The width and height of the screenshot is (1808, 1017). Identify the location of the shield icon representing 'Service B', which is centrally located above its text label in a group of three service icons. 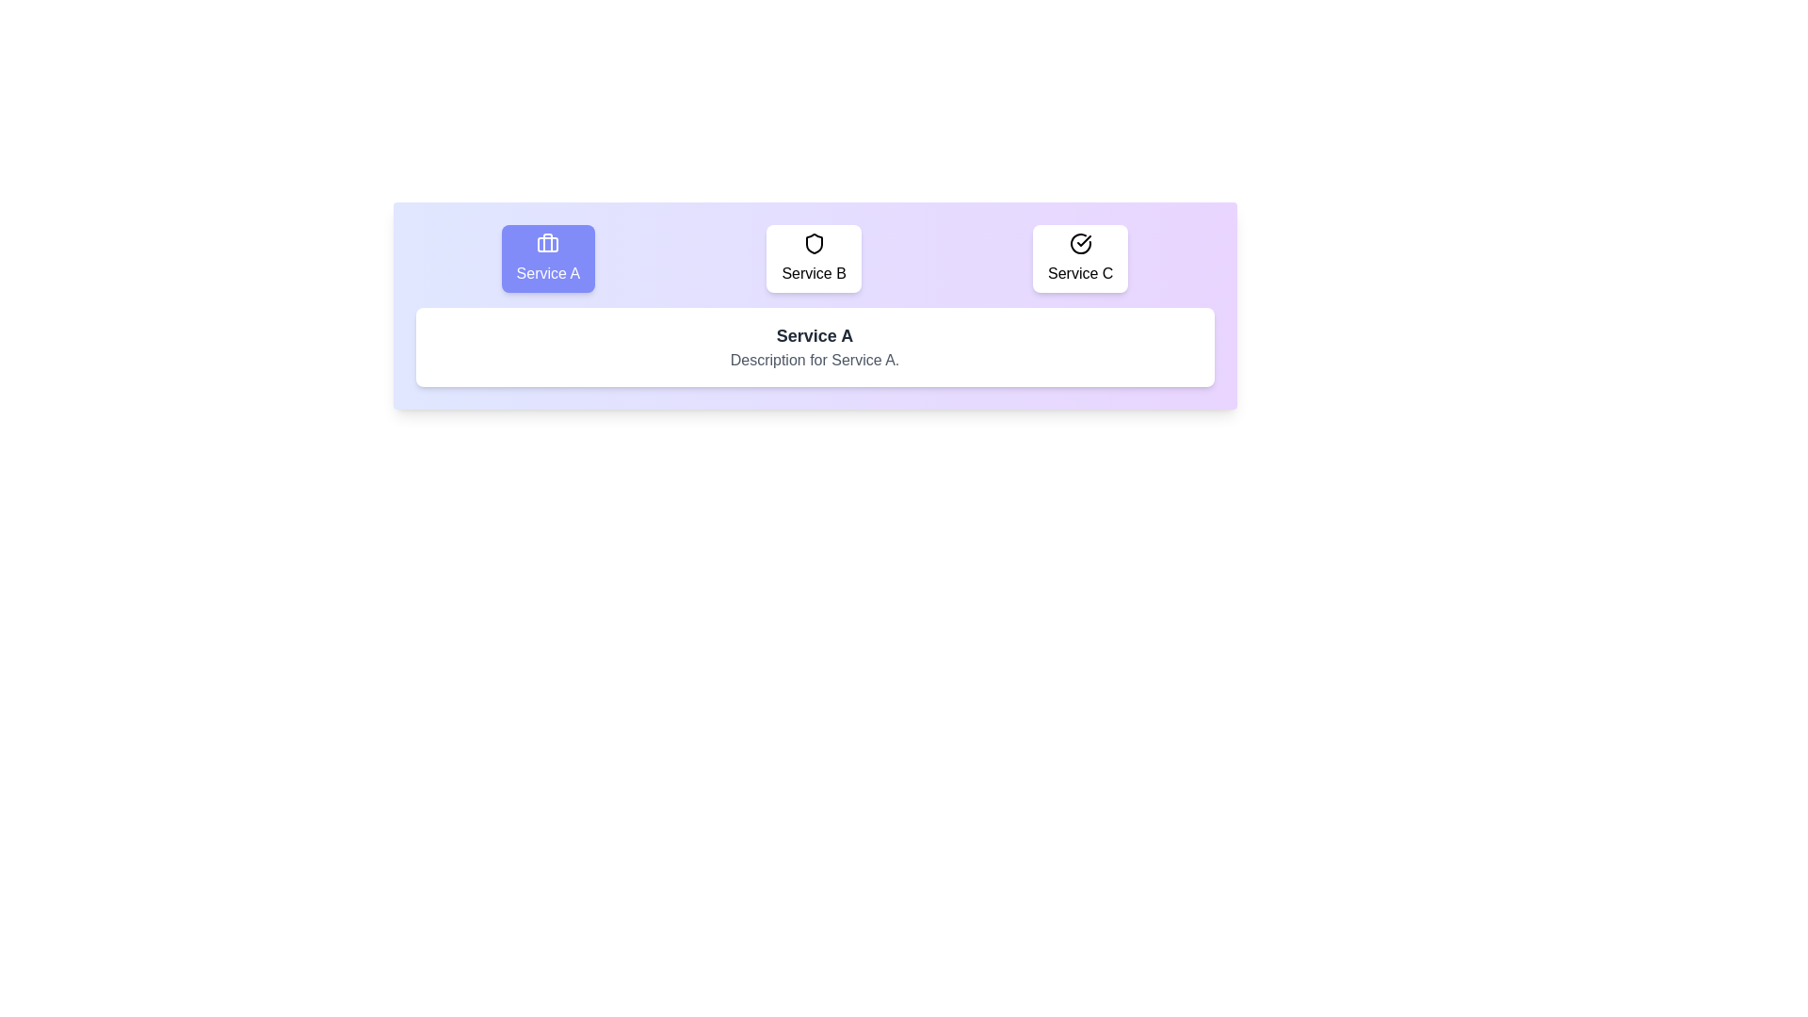
(814, 242).